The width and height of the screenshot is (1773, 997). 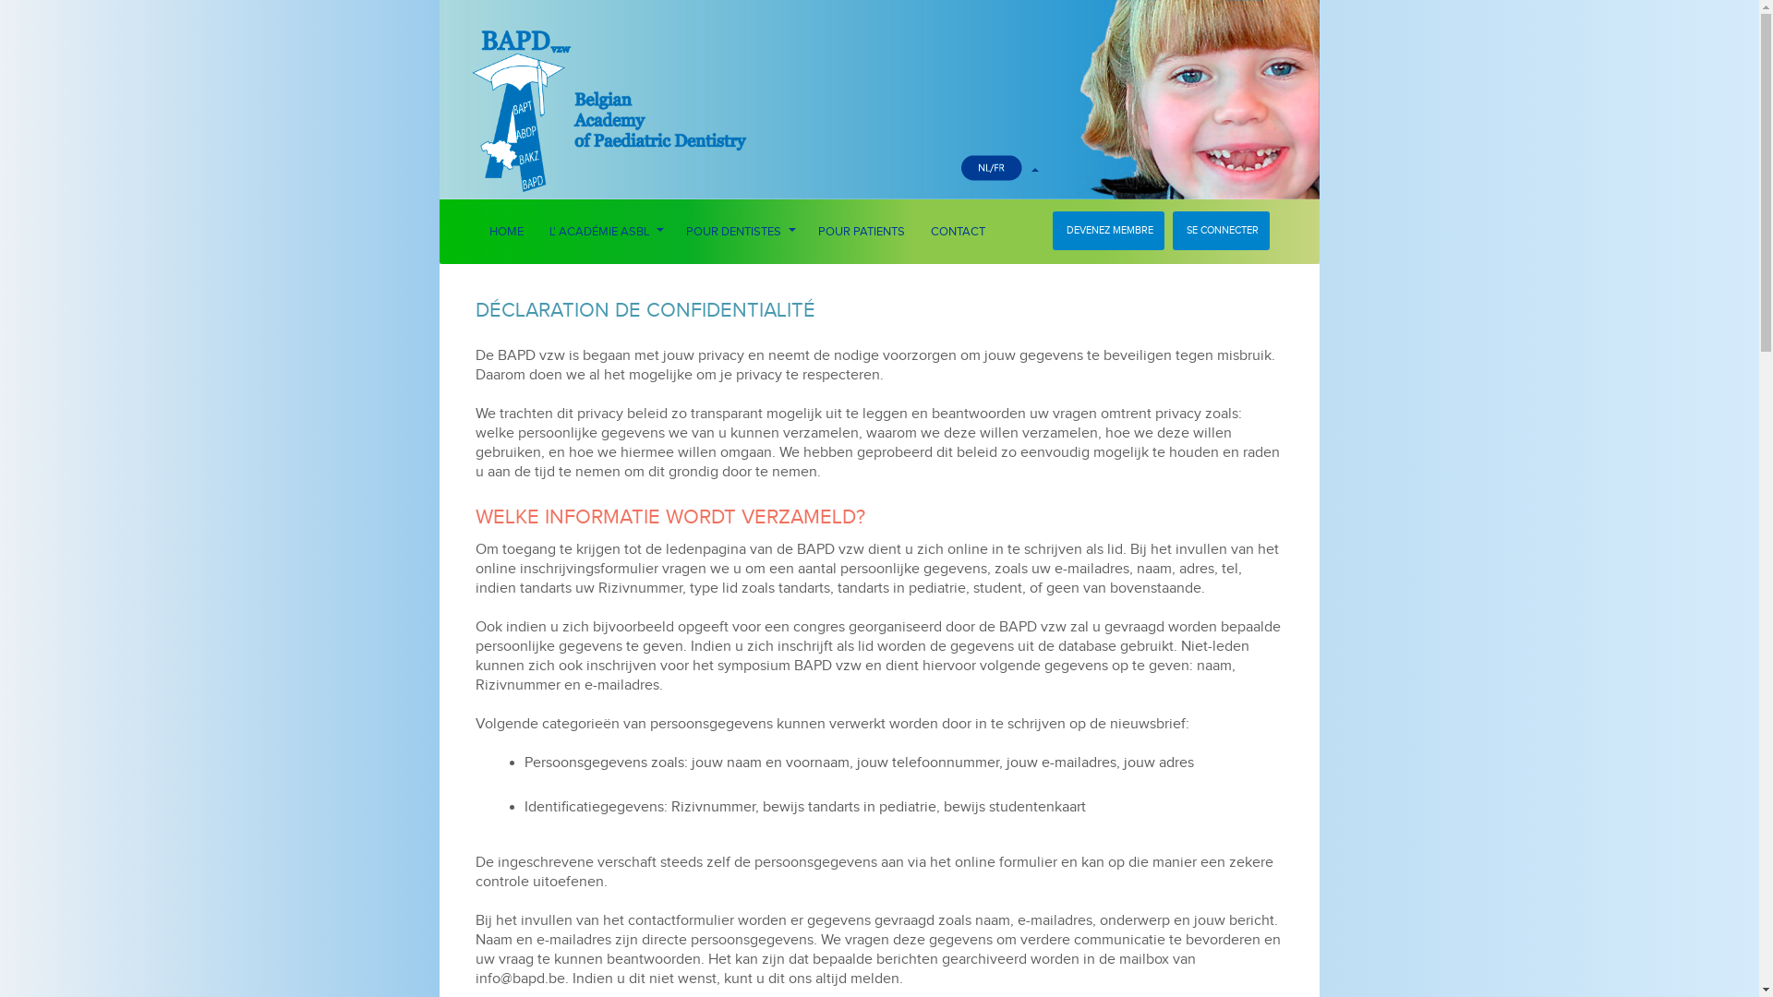 What do you see at coordinates (739, 230) in the screenshot?
I see `'POUR DENTISTES'` at bounding box center [739, 230].